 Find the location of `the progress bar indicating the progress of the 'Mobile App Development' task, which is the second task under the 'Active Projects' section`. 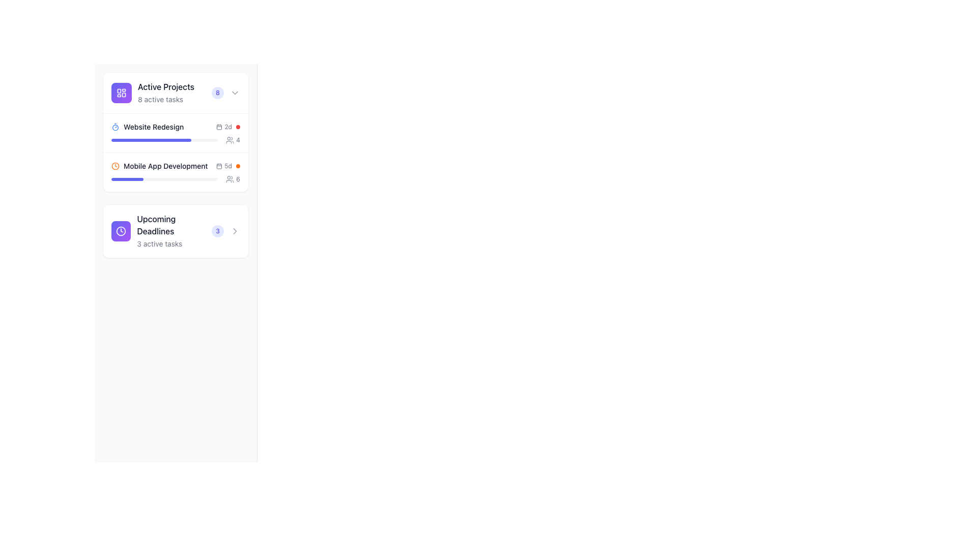

the progress bar indicating the progress of the 'Mobile App Development' task, which is the second task under the 'Active Projects' section is located at coordinates (176, 179).